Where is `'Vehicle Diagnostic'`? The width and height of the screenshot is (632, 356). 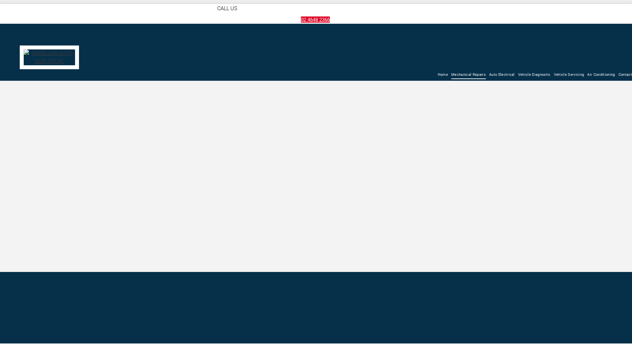
'Vehicle Diagnostic' is located at coordinates (534, 74).